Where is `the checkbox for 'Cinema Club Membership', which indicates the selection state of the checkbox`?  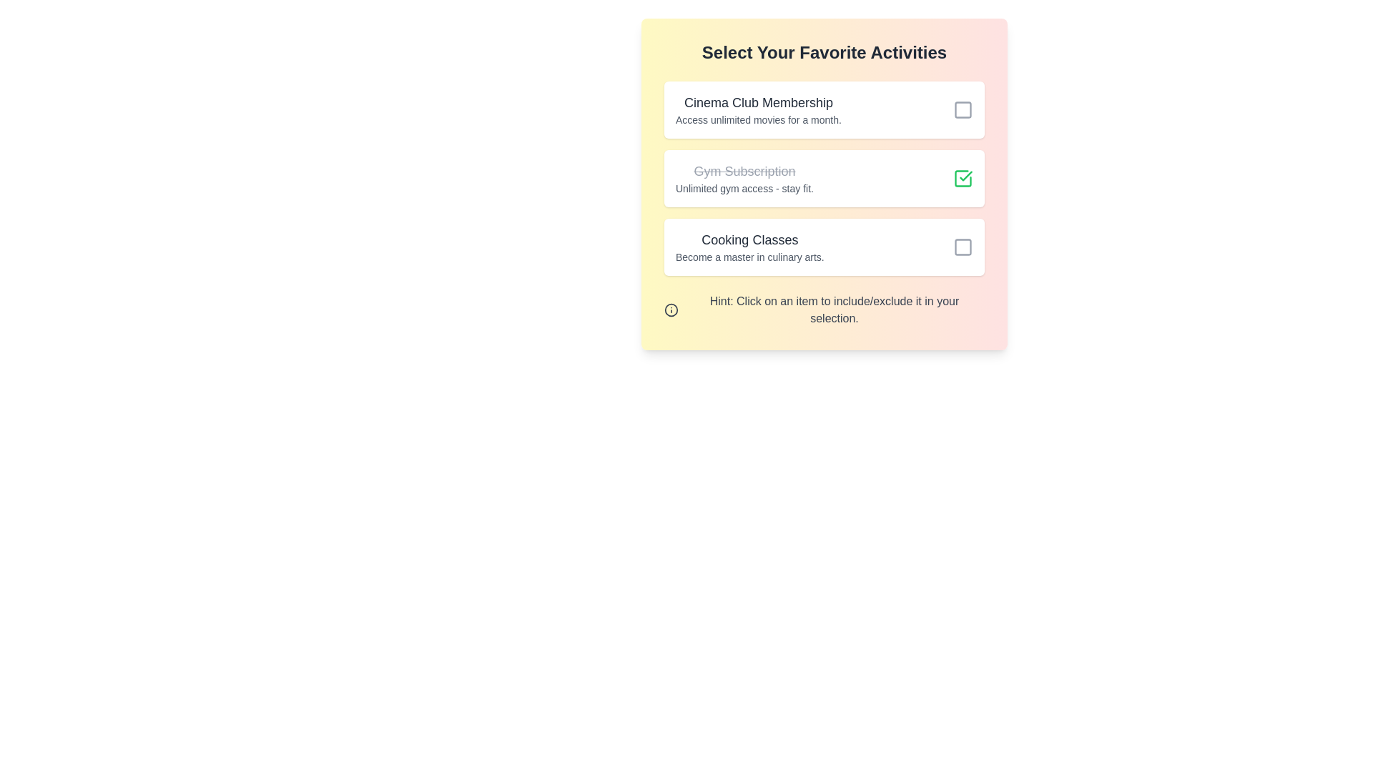 the checkbox for 'Cinema Club Membership', which indicates the selection state of the checkbox is located at coordinates (963, 109).